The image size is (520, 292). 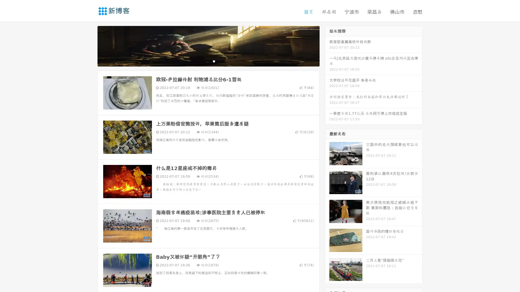 I want to click on Next slide, so click(x=327, y=45).